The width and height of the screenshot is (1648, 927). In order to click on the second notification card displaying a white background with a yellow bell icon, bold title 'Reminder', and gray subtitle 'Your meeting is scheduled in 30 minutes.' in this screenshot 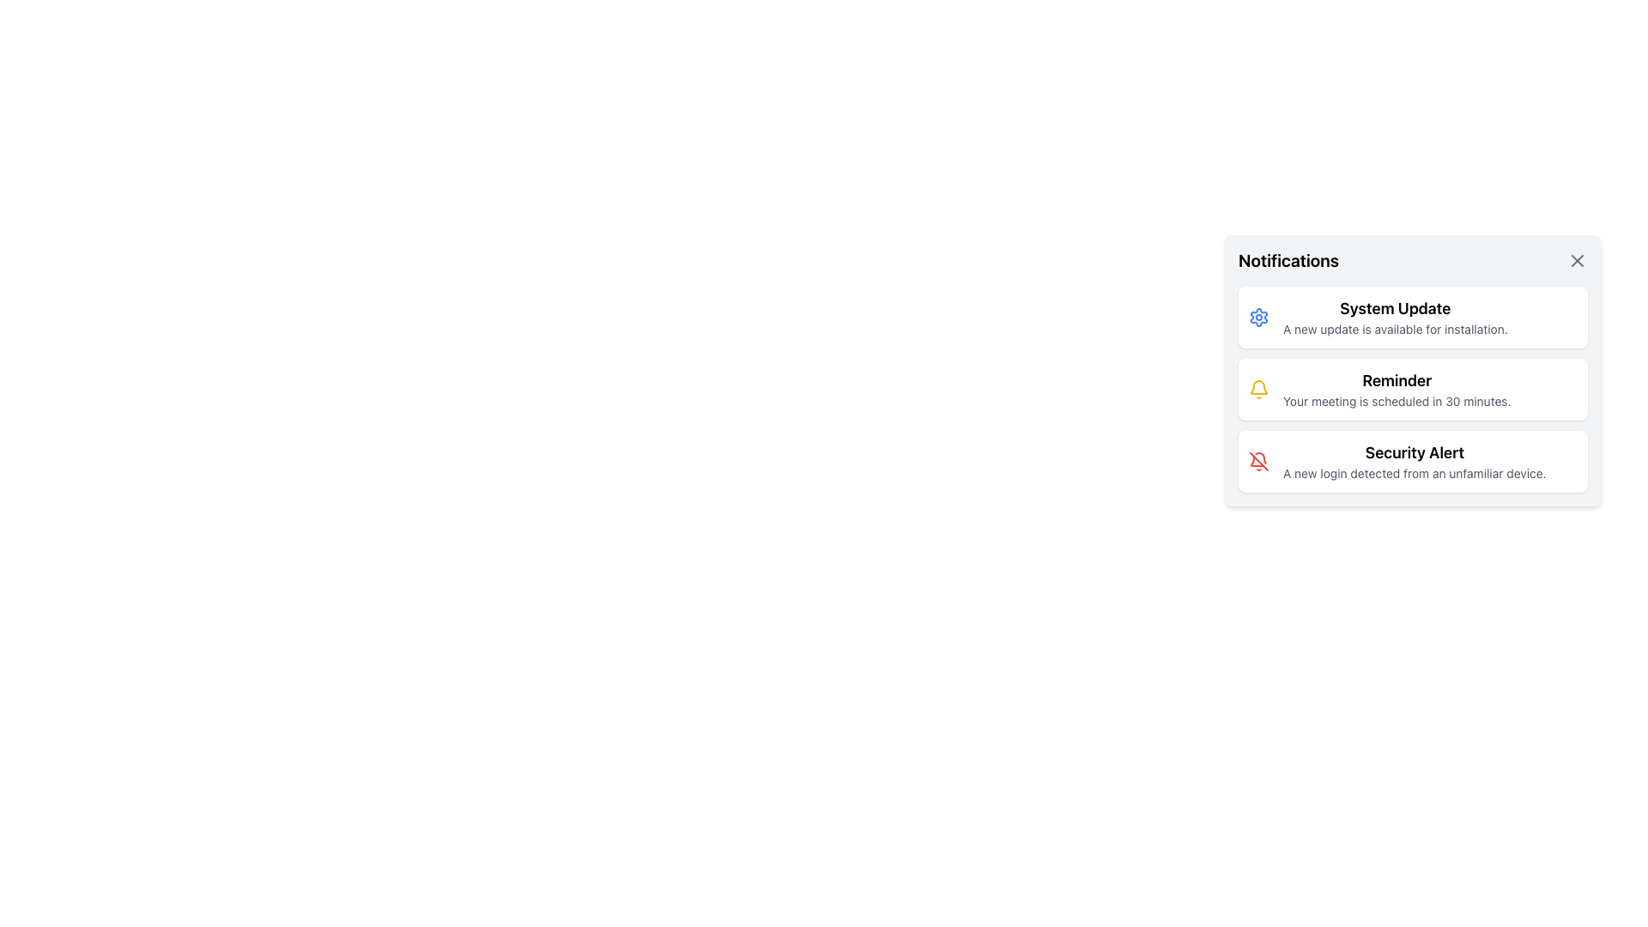, I will do `click(1413, 390)`.